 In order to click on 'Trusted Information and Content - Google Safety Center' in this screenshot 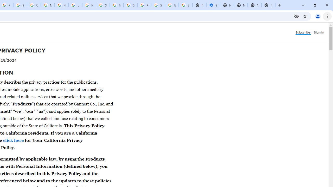, I will do `click(116, 5)`.